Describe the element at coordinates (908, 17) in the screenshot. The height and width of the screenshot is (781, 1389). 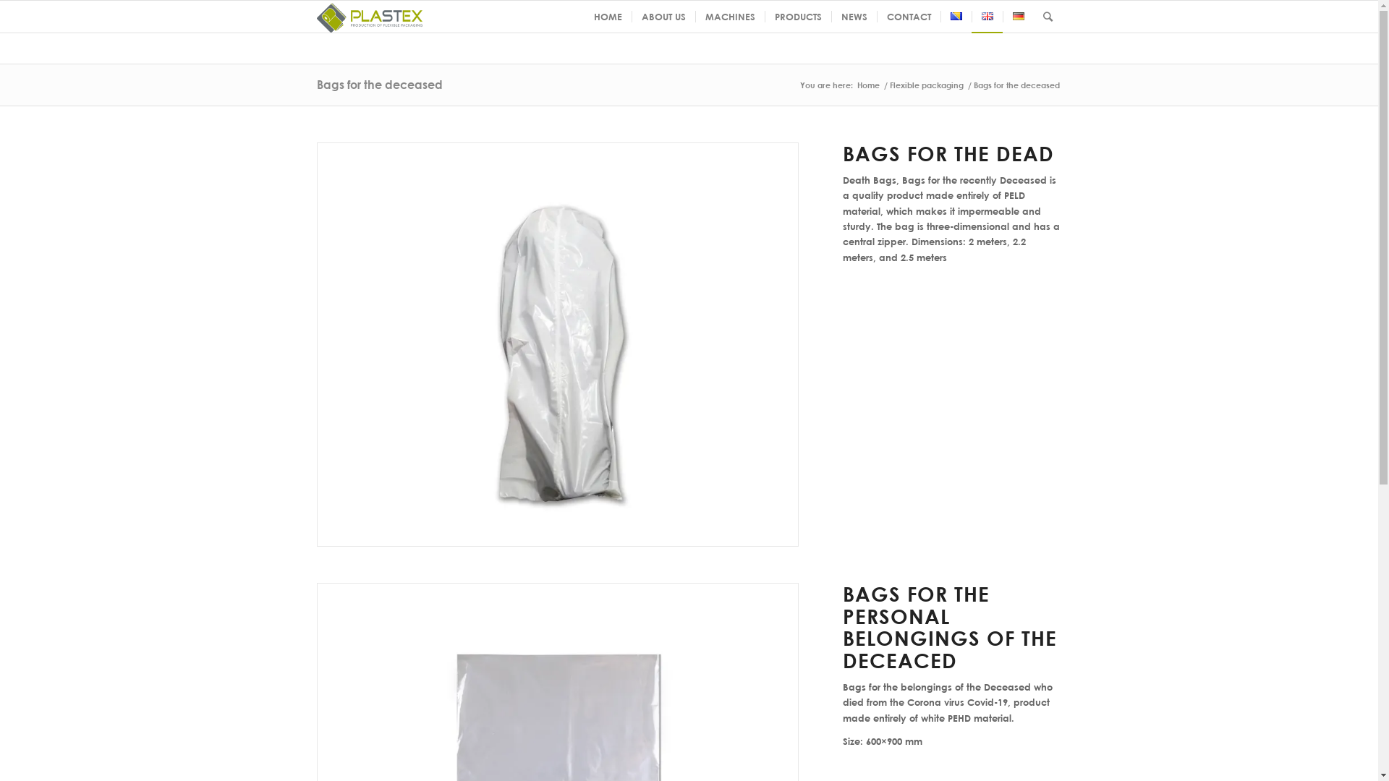
I see `'CONTACT'` at that location.